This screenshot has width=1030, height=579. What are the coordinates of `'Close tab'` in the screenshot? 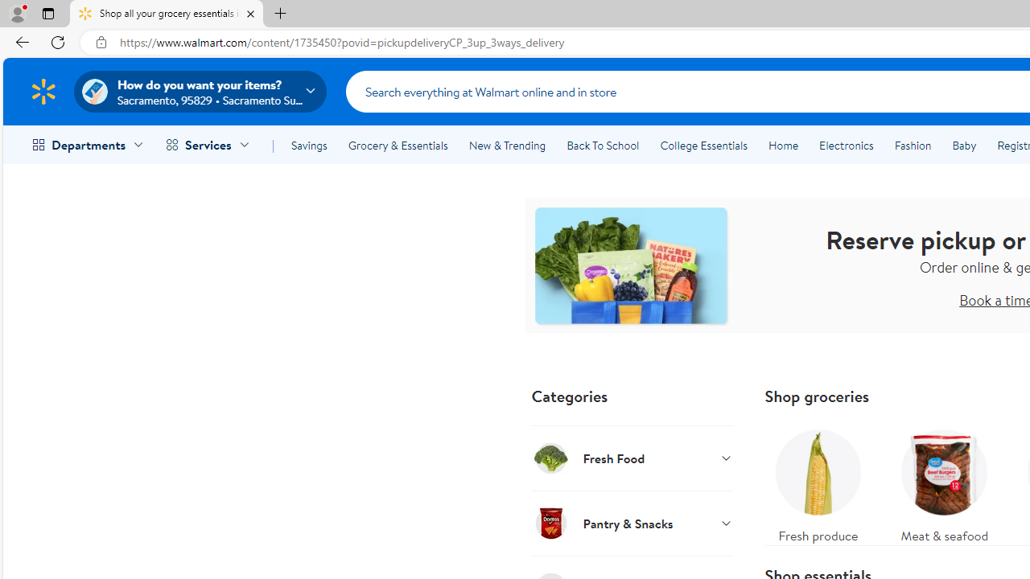 It's located at (249, 14).